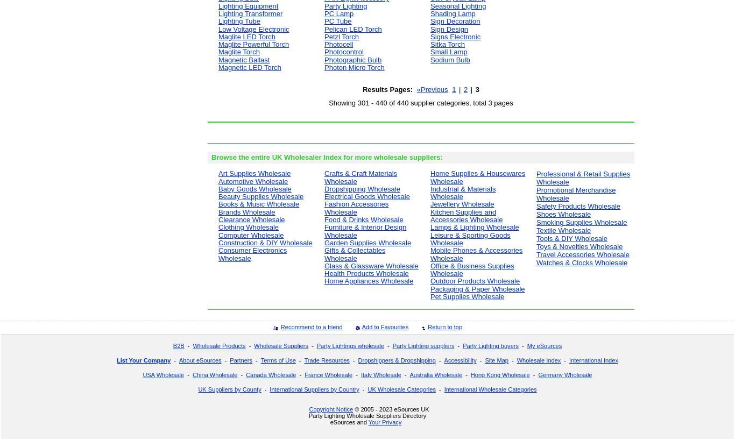 This screenshot has width=735, height=447. Describe the element at coordinates (271, 374) in the screenshot. I see `'Canada Wholesale'` at that location.